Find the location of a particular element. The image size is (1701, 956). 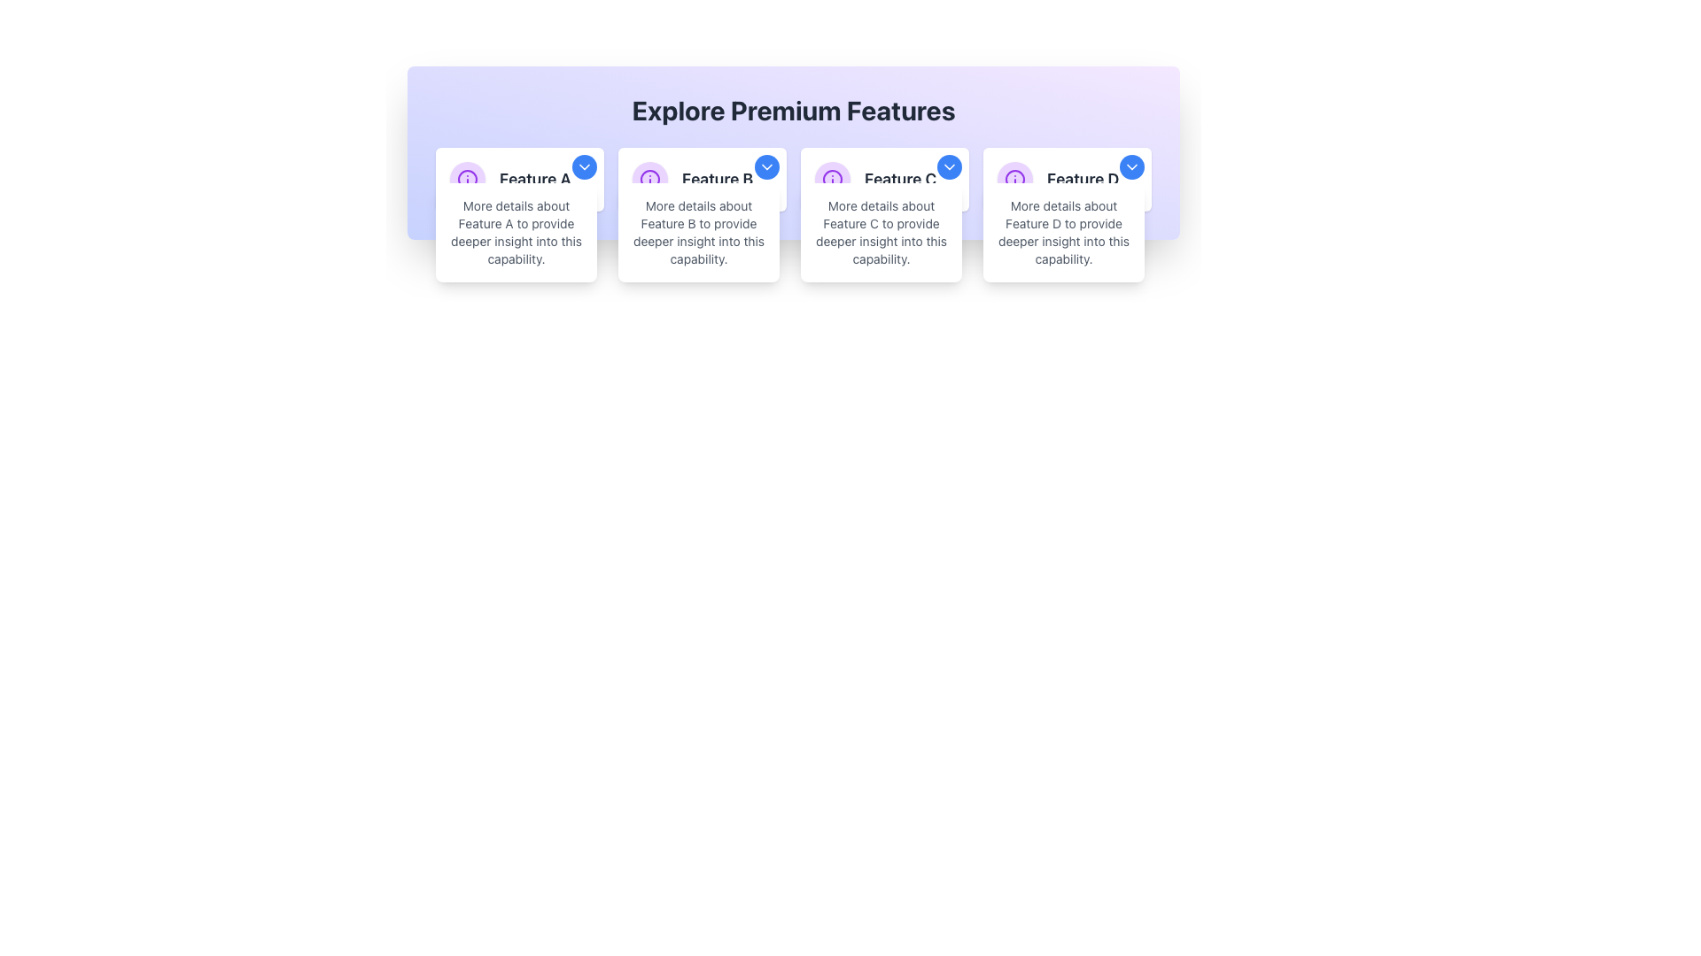

the circular button with a blue background and white text labeled 'Feature C' located at the top-right corner of the card is located at coordinates (948, 167).